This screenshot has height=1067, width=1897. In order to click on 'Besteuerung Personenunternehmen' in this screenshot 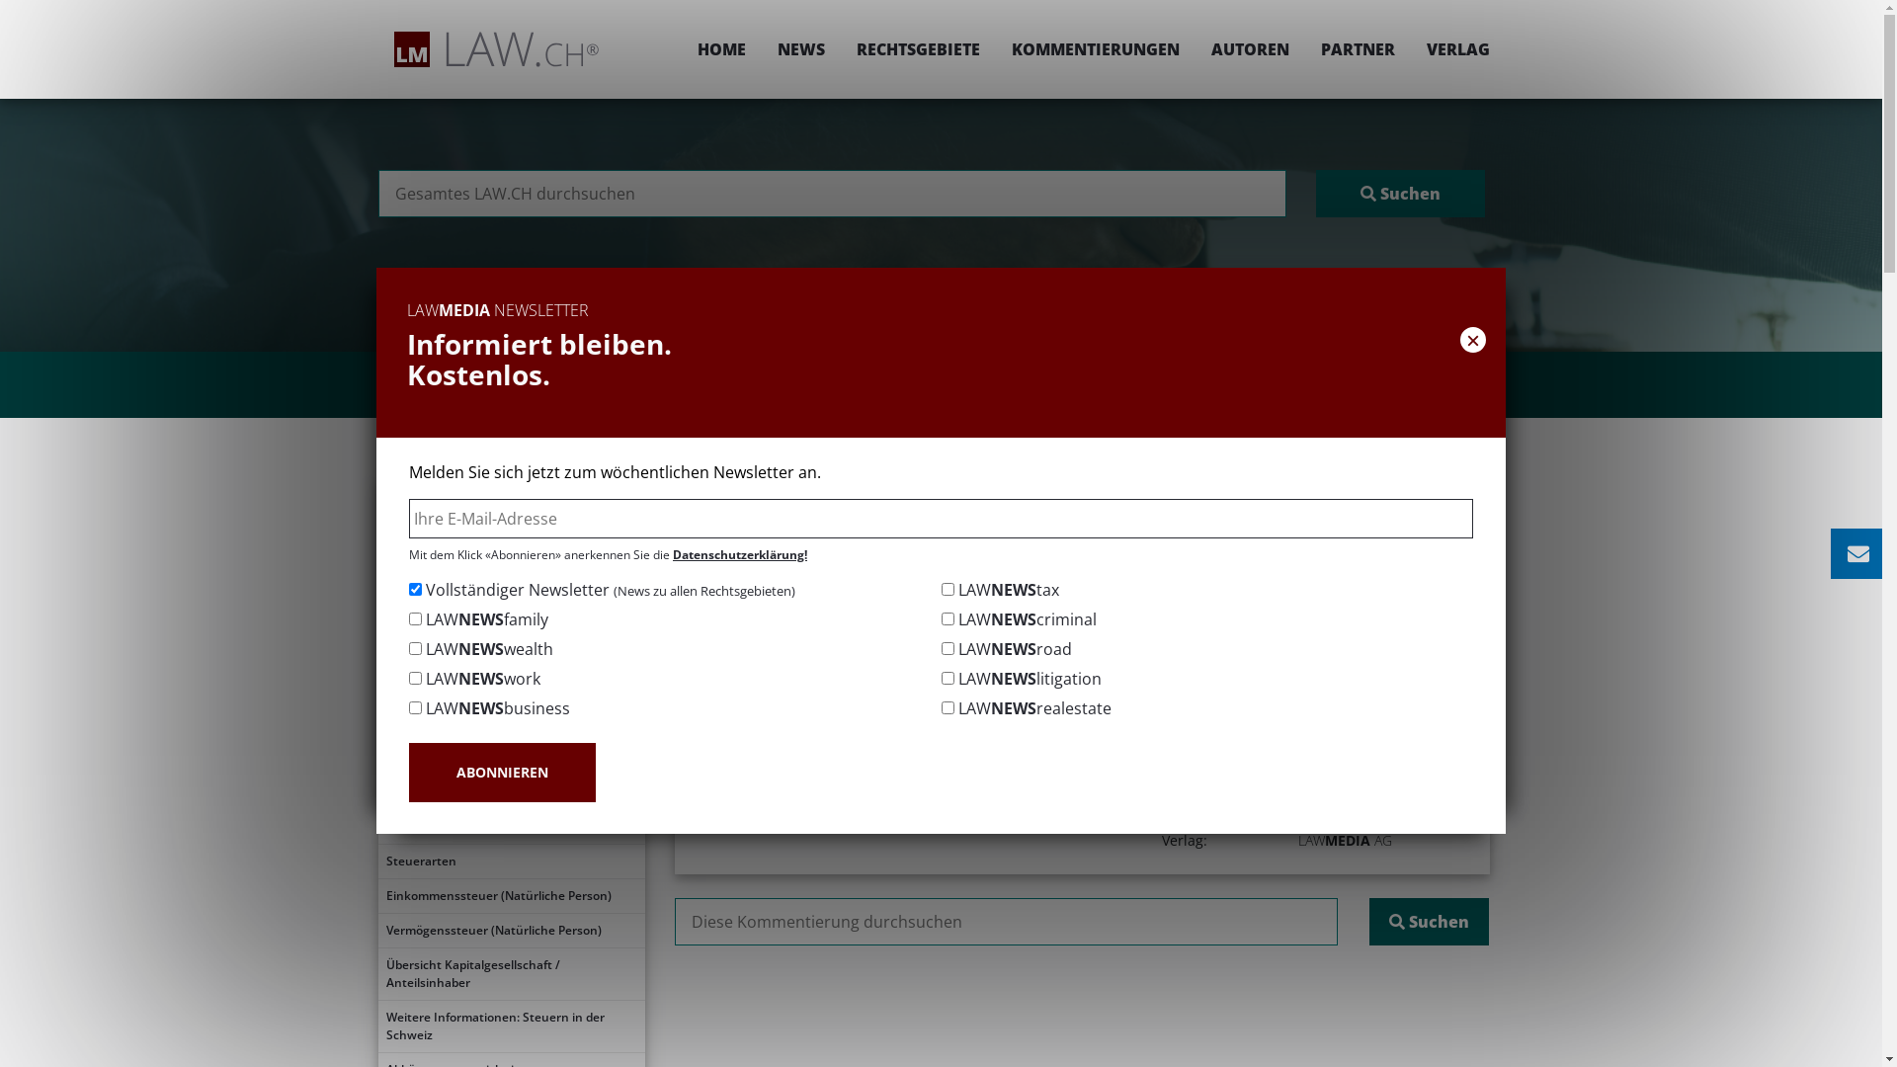, I will do `click(511, 827)`.